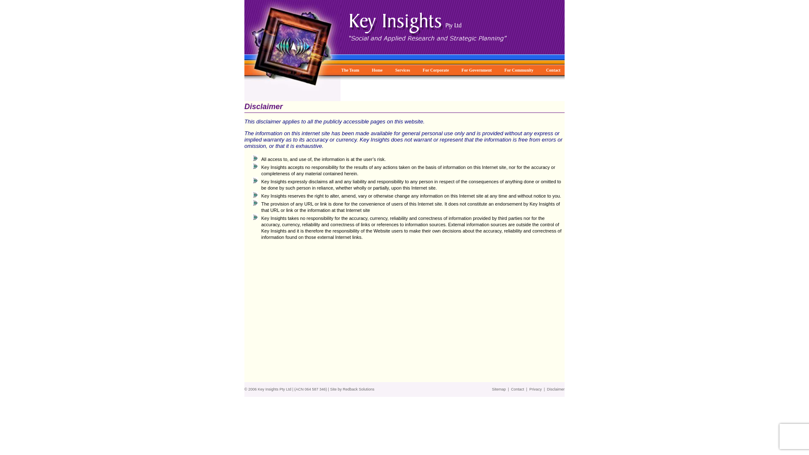 Image resolution: width=809 pixels, height=455 pixels. What do you see at coordinates (371, 69) in the screenshot?
I see `'Home'` at bounding box center [371, 69].